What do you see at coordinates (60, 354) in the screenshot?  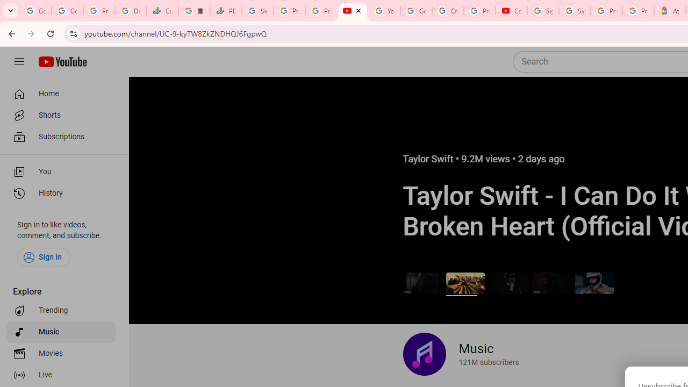 I see `'Movies'` at bounding box center [60, 354].